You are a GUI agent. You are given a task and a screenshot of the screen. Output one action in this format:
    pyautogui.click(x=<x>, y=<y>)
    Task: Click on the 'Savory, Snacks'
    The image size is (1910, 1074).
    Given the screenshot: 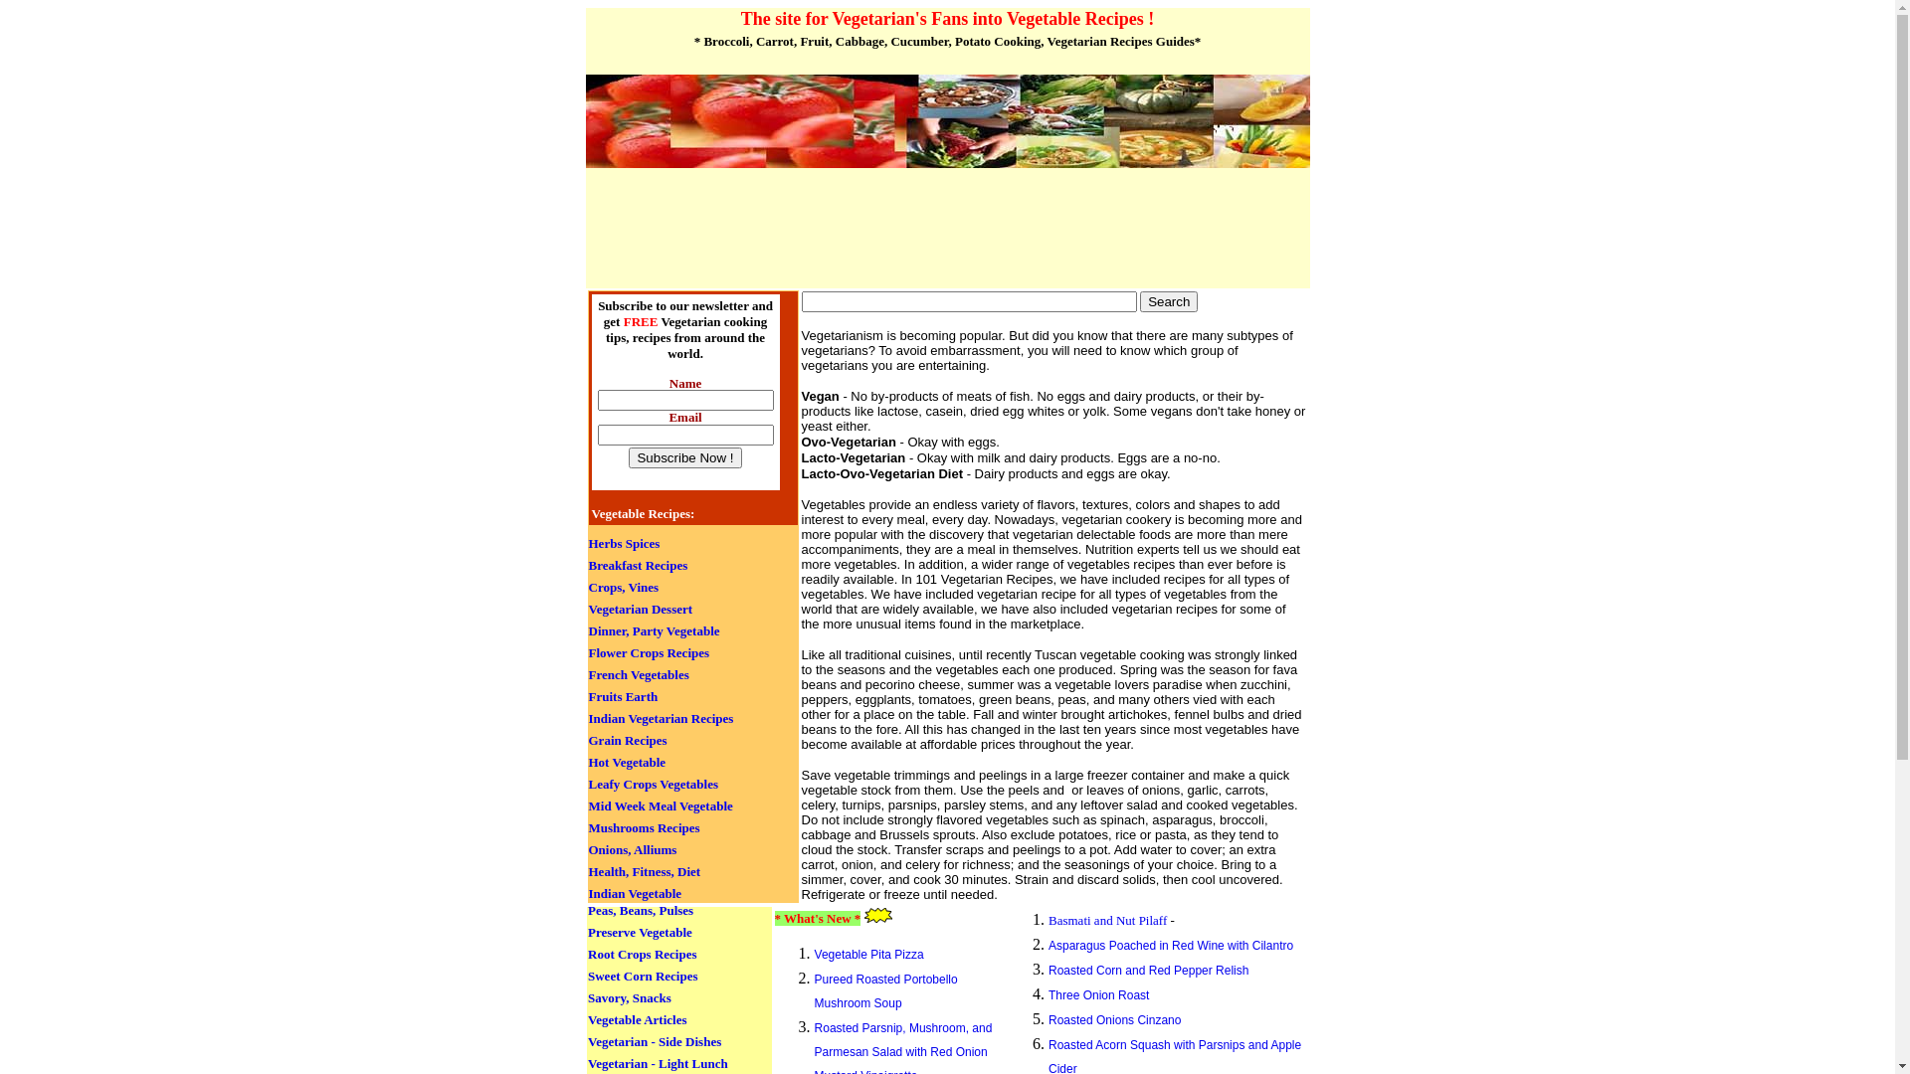 What is the action you would take?
    pyautogui.click(x=629, y=997)
    